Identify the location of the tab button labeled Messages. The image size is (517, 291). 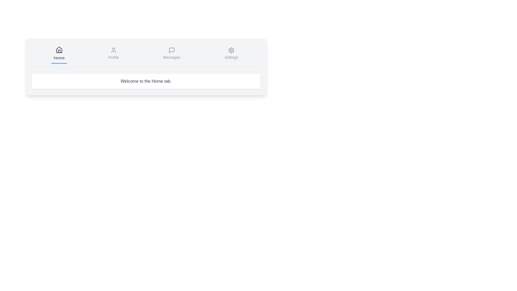
(171, 54).